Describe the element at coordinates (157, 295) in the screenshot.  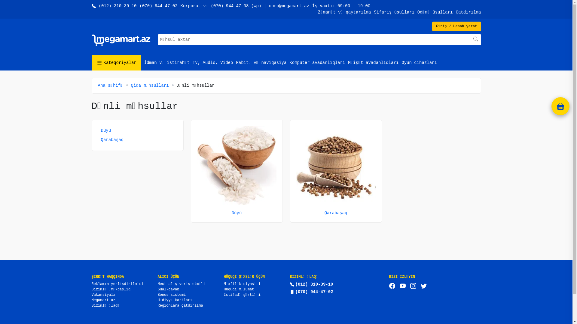
I see `'Bonus sistemi'` at that location.